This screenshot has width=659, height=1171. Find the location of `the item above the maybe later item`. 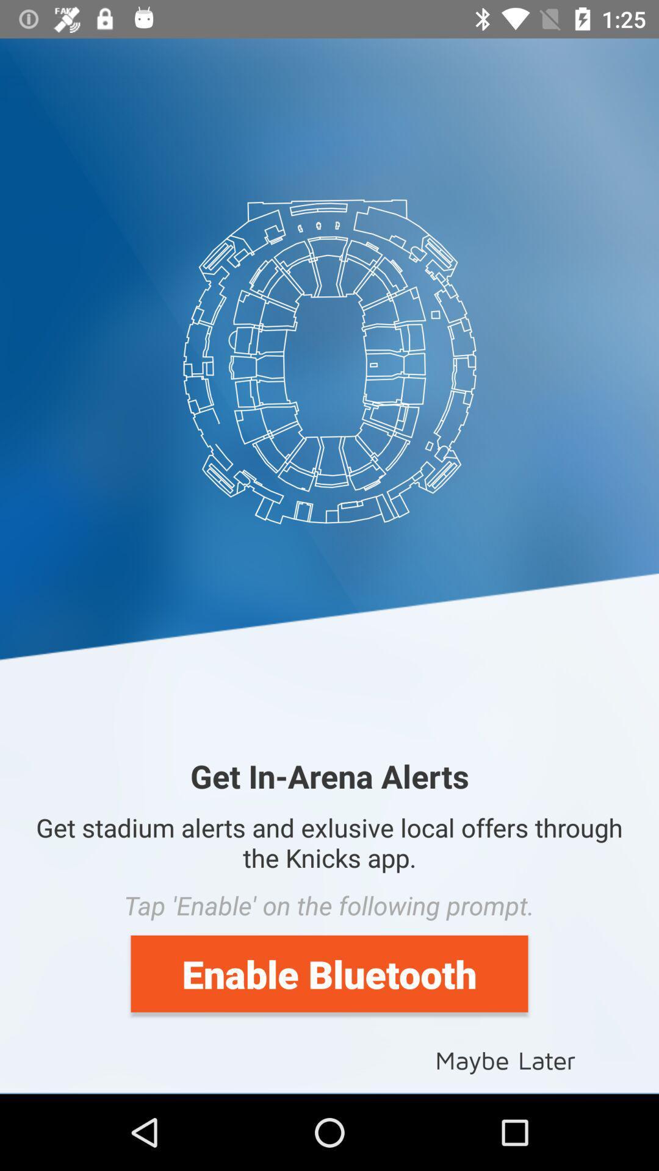

the item above the maybe later item is located at coordinates (329, 973).